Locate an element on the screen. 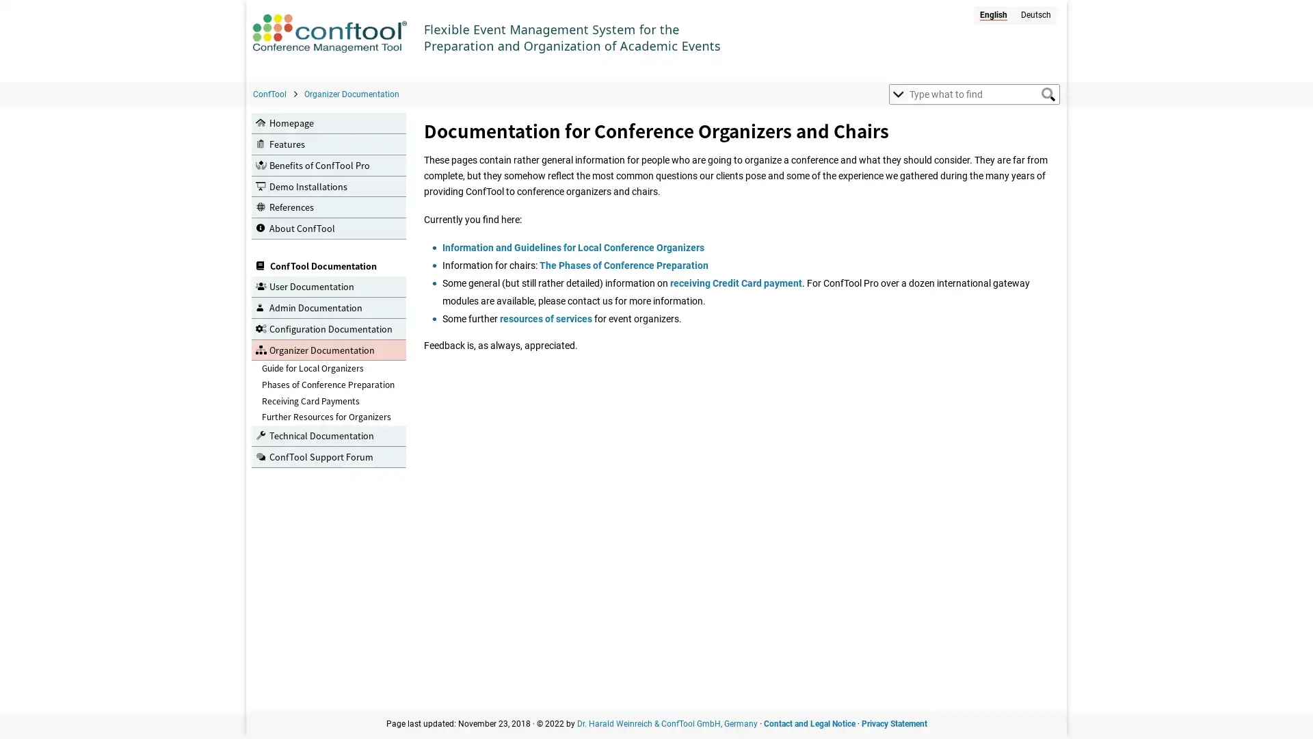 The height and width of the screenshot is (739, 1313). Search is located at coordinates (1047, 94).